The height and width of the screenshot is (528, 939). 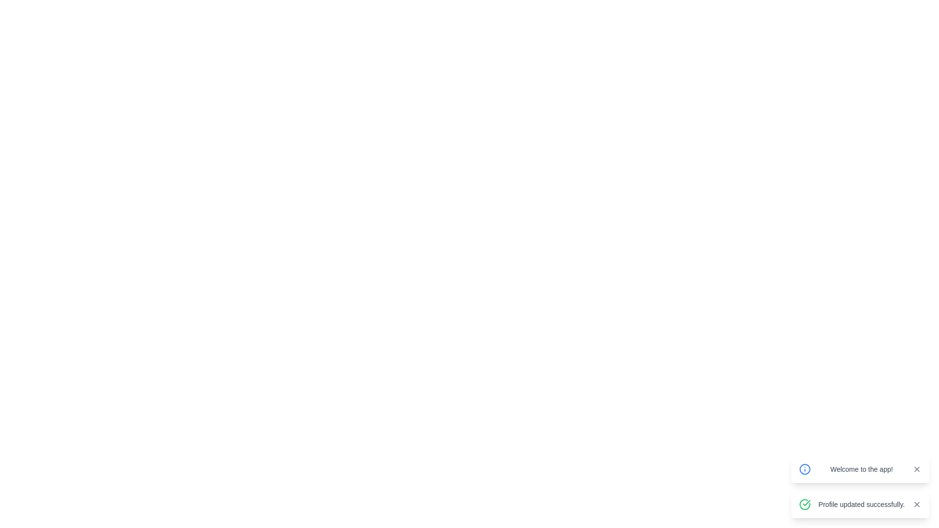 What do you see at coordinates (917, 469) in the screenshot?
I see `the close button located at the far-right edge of the notification box` at bounding box center [917, 469].